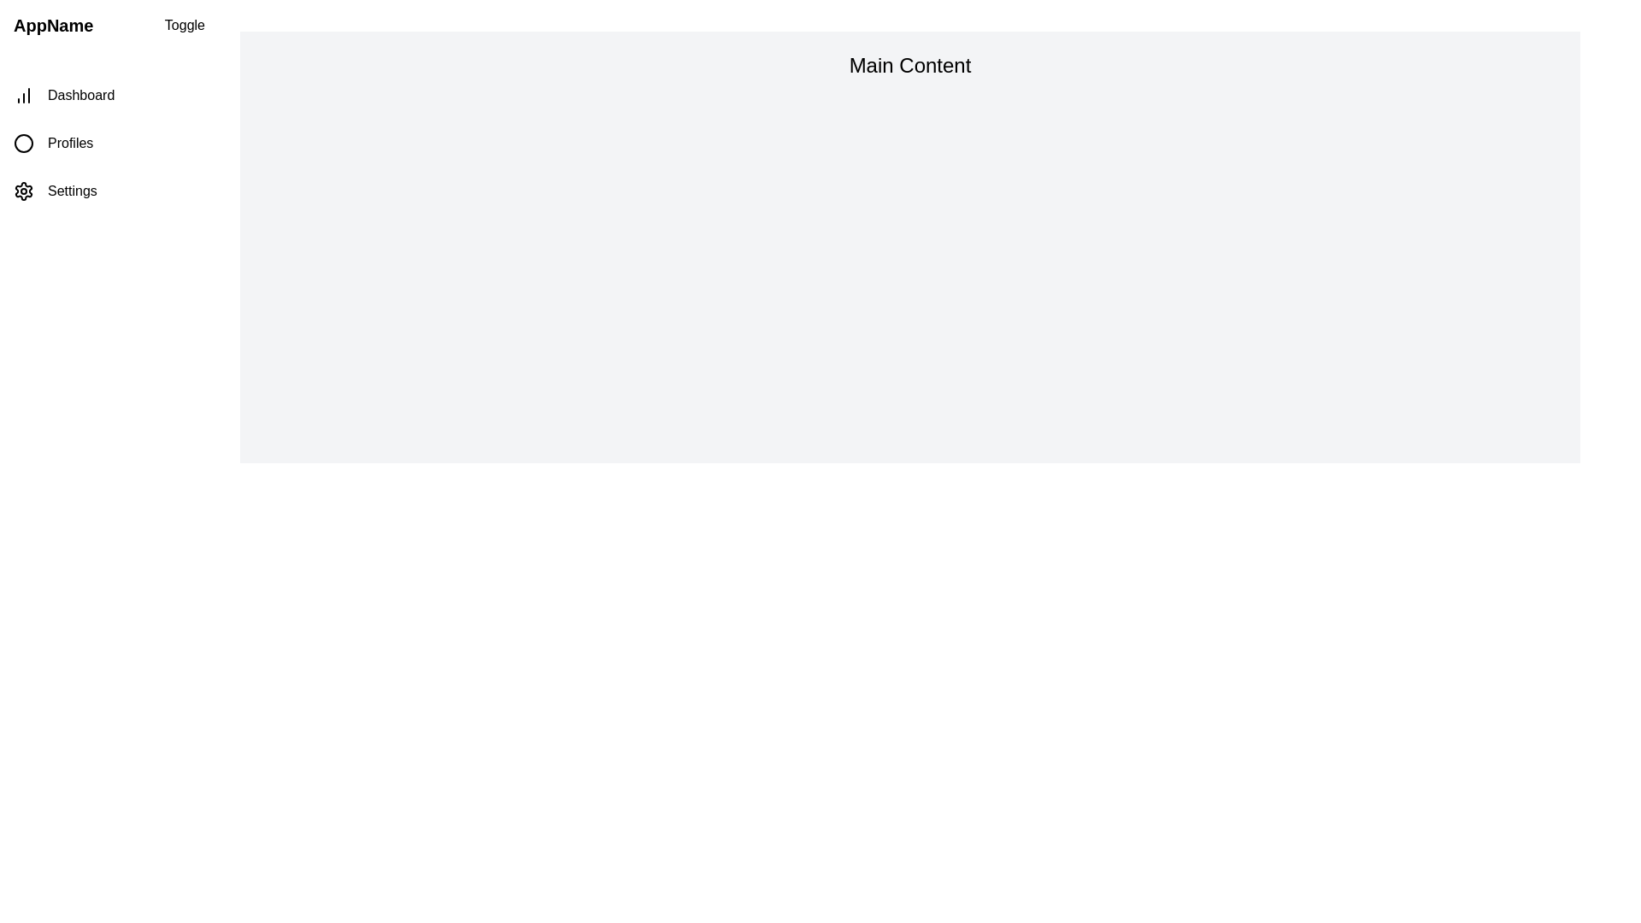  I want to click on the navigation item Settings in the drawer, so click(109, 191).